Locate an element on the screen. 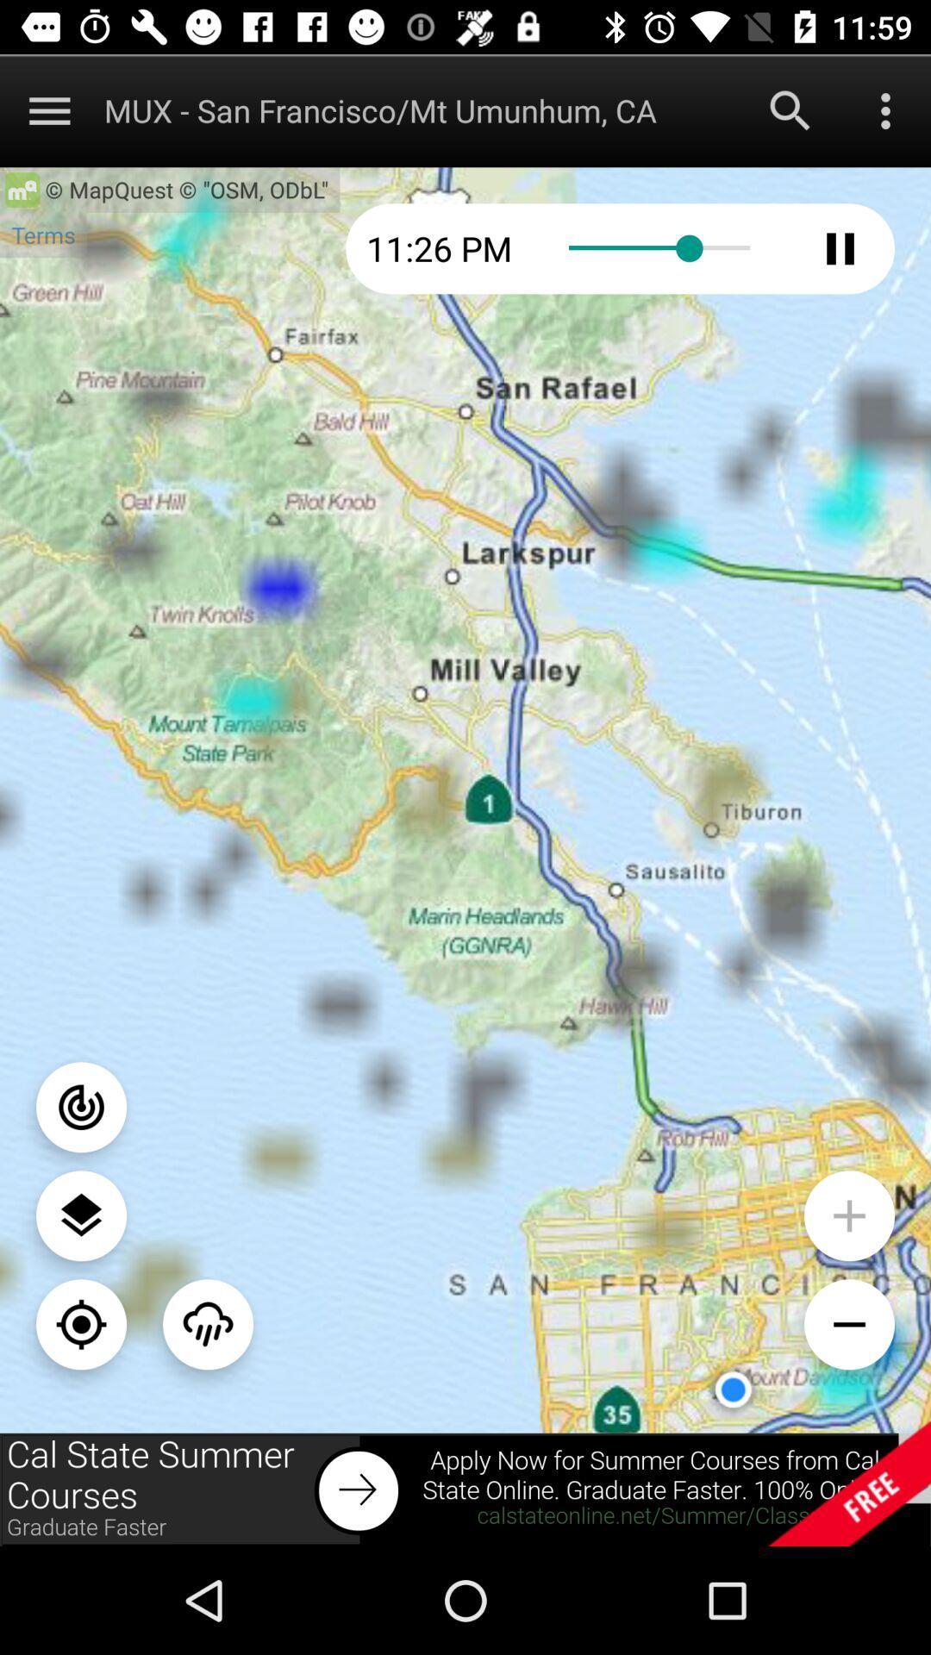 This screenshot has width=931, height=1655. move map is located at coordinates (81, 1323).